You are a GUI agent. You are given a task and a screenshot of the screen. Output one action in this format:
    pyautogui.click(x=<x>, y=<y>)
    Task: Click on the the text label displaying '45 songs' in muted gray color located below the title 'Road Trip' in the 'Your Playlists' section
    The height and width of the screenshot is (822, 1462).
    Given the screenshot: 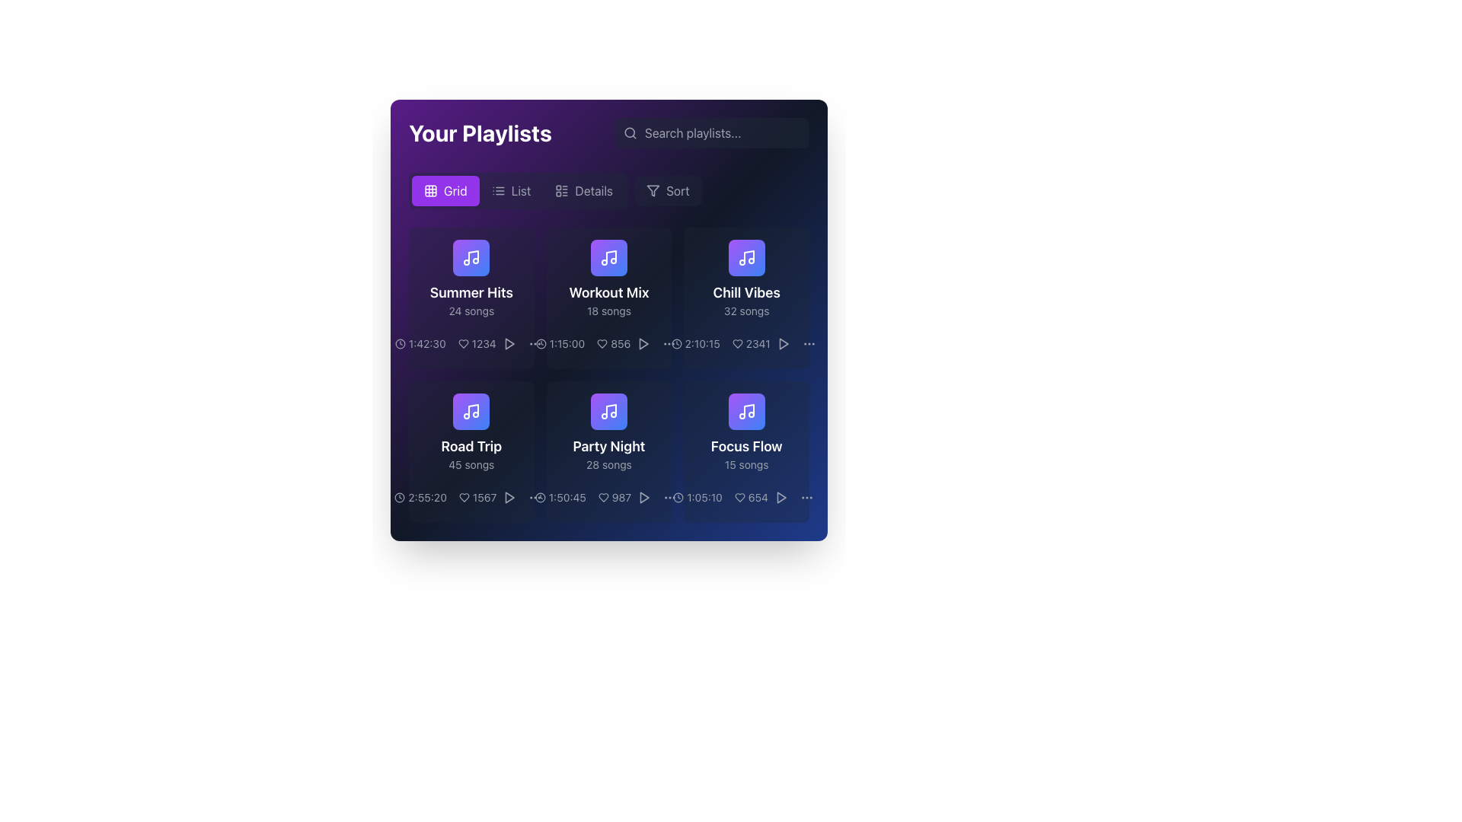 What is the action you would take?
    pyautogui.click(x=471, y=464)
    